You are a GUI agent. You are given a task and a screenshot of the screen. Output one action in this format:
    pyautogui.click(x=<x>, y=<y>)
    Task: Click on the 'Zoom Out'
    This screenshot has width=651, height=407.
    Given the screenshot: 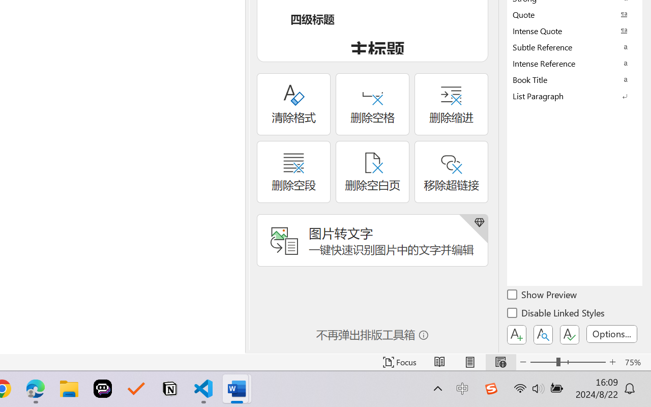 What is the action you would take?
    pyautogui.click(x=543, y=362)
    